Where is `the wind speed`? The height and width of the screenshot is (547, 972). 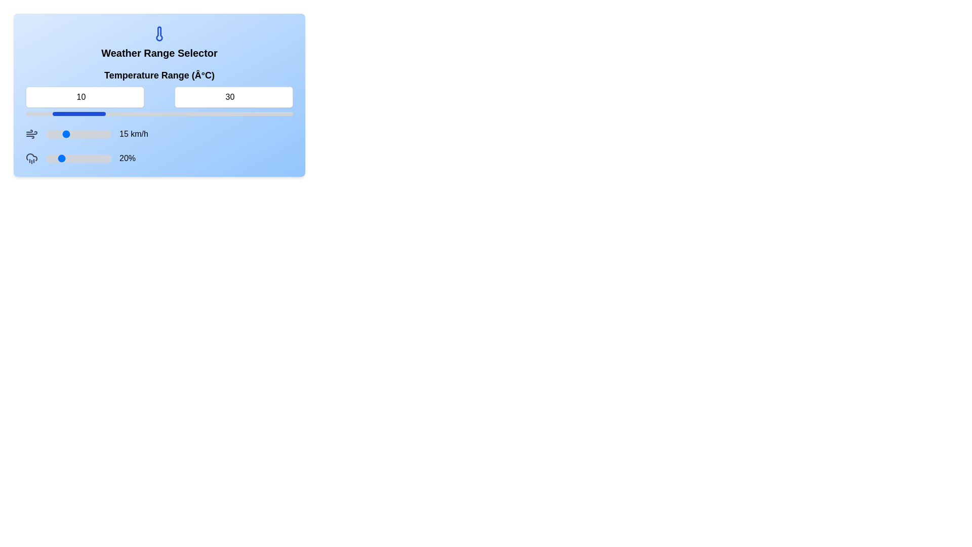
the wind speed is located at coordinates (95, 134).